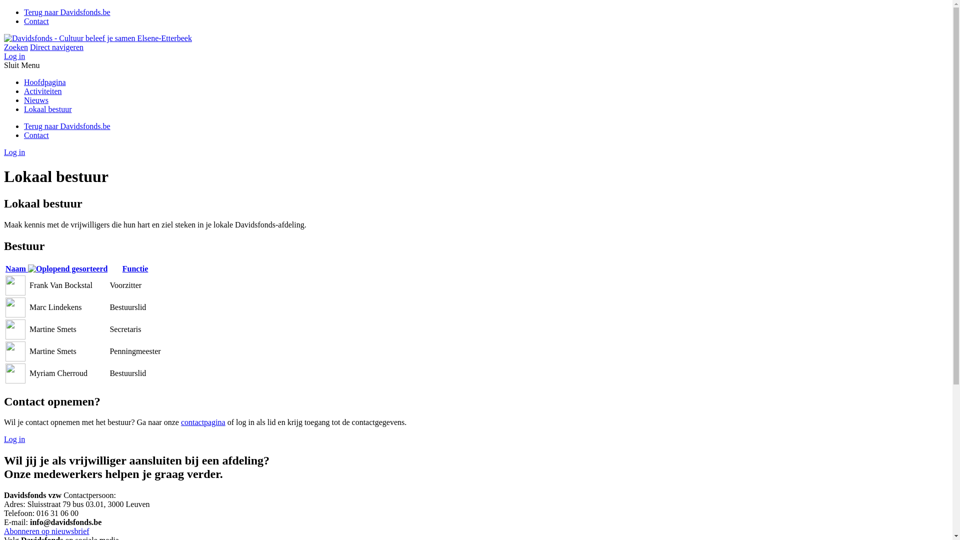 The height and width of the screenshot is (540, 960). Describe the element at coordinates (14, 56) in the screenshot. I see `'Log in'` at that location.